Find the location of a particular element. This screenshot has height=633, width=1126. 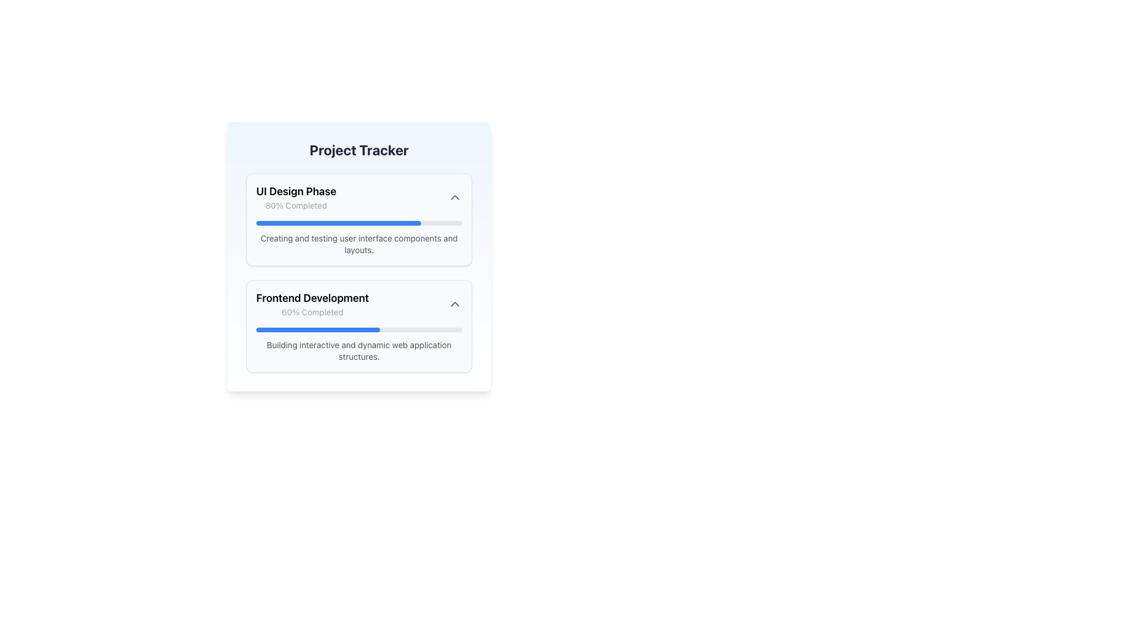

progress percentage from the text label located below the 'UI Design Phase' header in the 'UI Design Phase' card of the 'Project Tracker' is located at coordinates (296, 205).